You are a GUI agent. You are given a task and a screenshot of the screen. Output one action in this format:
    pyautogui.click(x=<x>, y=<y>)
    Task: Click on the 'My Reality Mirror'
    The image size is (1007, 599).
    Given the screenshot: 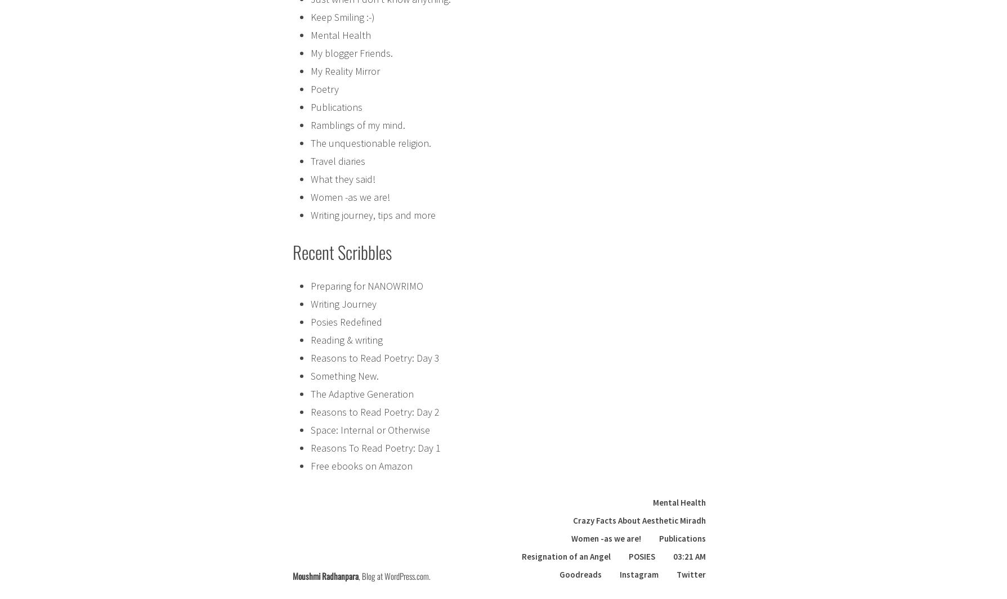 What is the action you would take?
    pyautogui.click(x=344, y=70)
    